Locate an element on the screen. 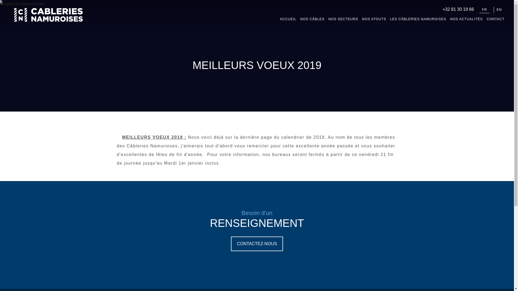  'FR' is located at coordinates (485, 10).